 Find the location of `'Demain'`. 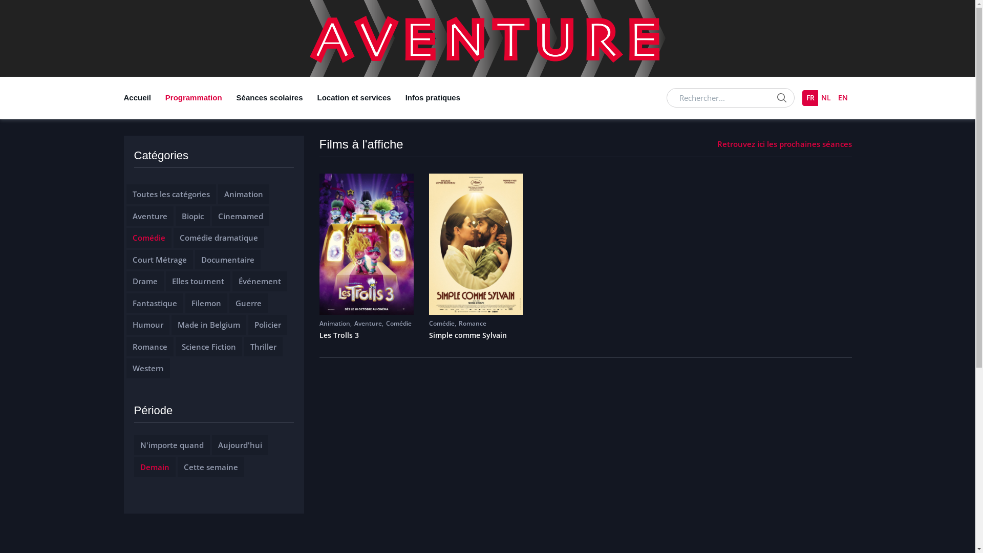

'Demain' is located at coordinates (154, 466).